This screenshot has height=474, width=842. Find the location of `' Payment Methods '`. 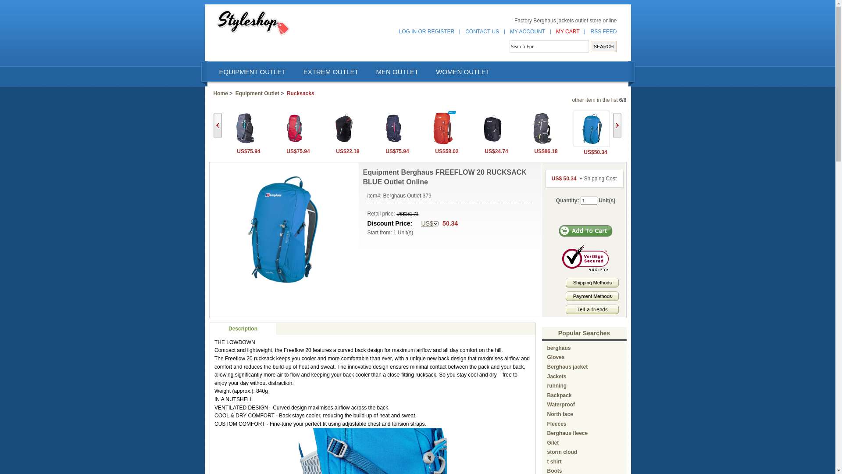

' Payment Methods ' is located at coordinates (592, 296).